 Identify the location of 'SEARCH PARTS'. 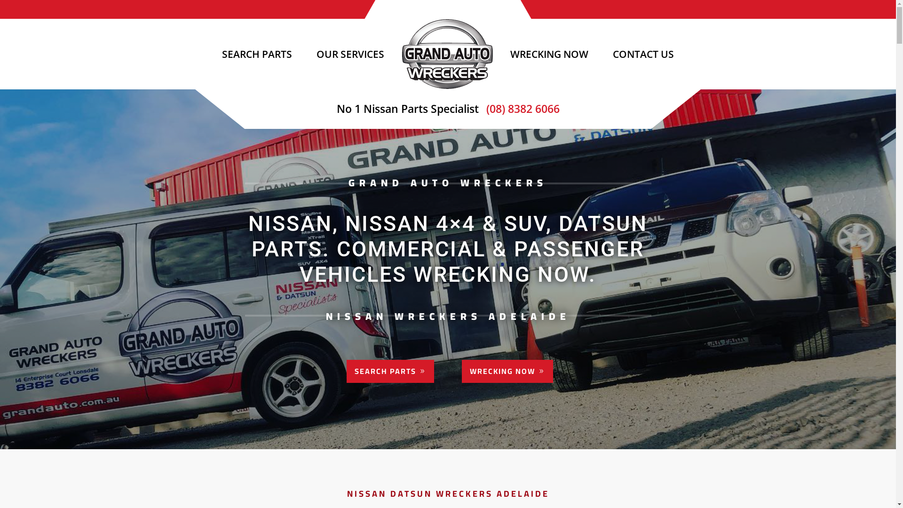
(346, 371).